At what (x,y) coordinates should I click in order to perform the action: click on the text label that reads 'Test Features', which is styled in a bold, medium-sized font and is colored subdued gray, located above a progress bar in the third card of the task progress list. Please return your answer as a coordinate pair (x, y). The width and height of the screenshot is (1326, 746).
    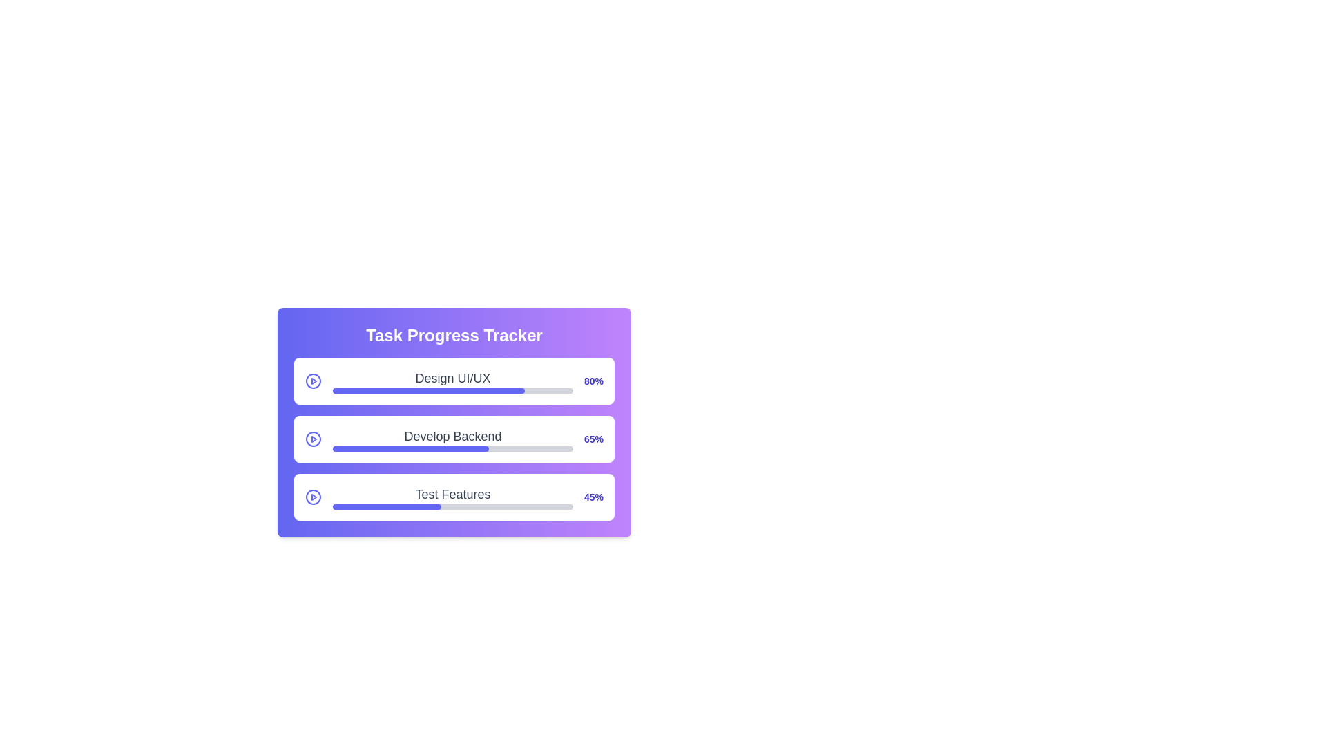
    Looking at the image, I should click on (453, 497).